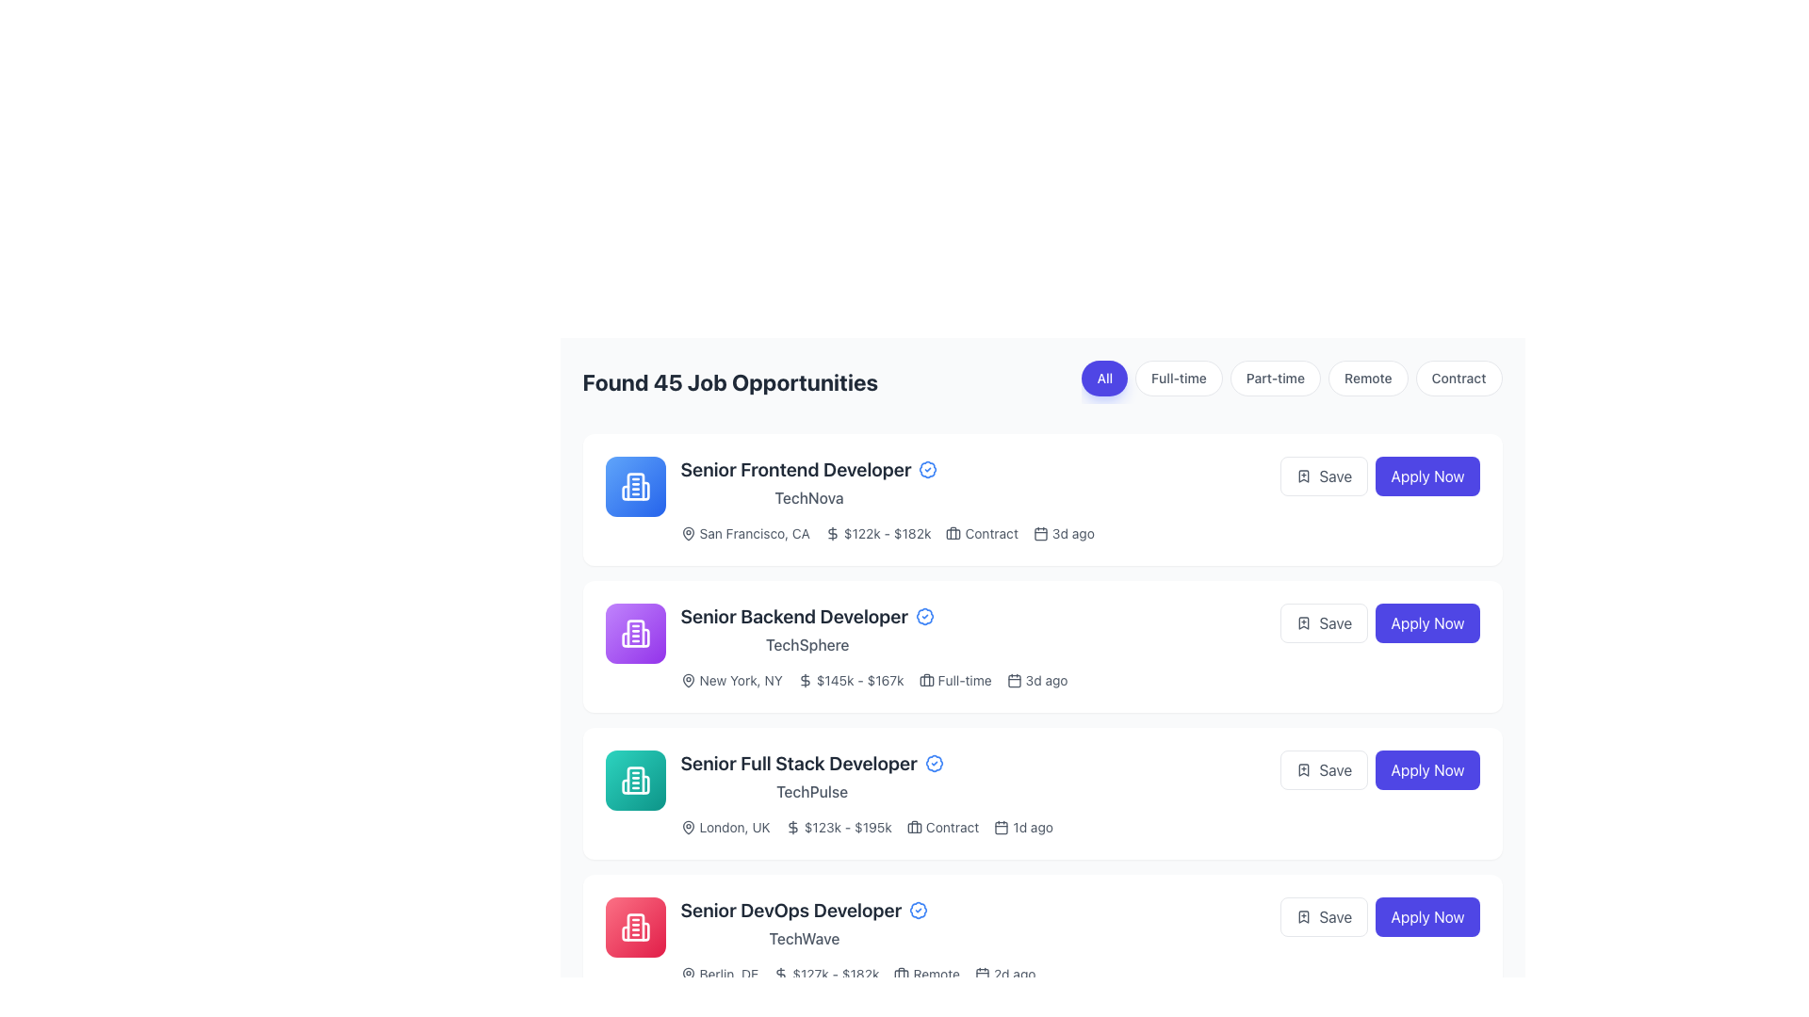 This screenshot has height=1017, width=1809. What do you see at coordinates (812, 763) in the screenshot?
I see `the job title text label with attached icon in the third card of the job postings list` at bounding box center [812, 763].